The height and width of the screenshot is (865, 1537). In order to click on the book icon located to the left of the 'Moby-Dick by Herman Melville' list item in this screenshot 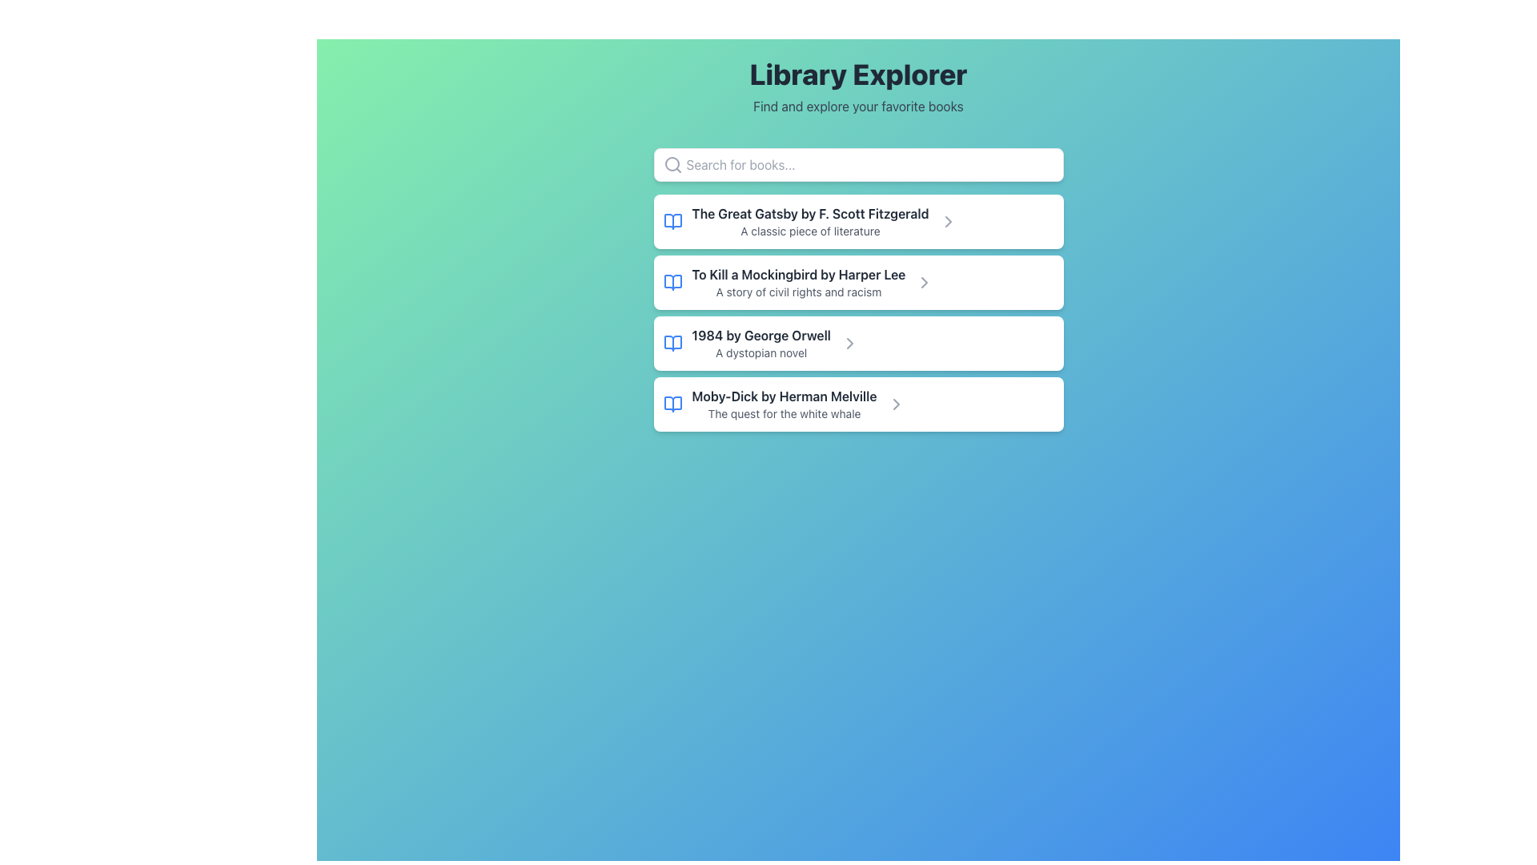, I will do `click(672, 404)`.